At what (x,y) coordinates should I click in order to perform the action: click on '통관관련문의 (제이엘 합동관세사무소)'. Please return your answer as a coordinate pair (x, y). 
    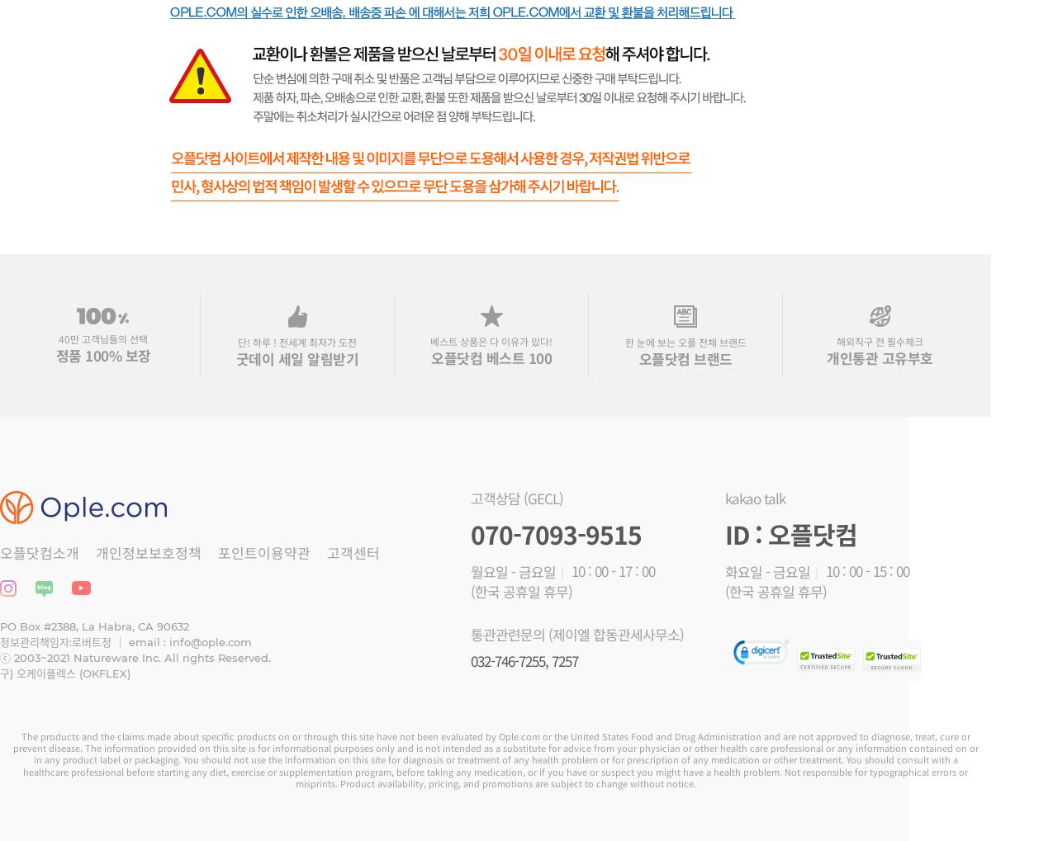
    Looking at the image, I should click on (470, 632).